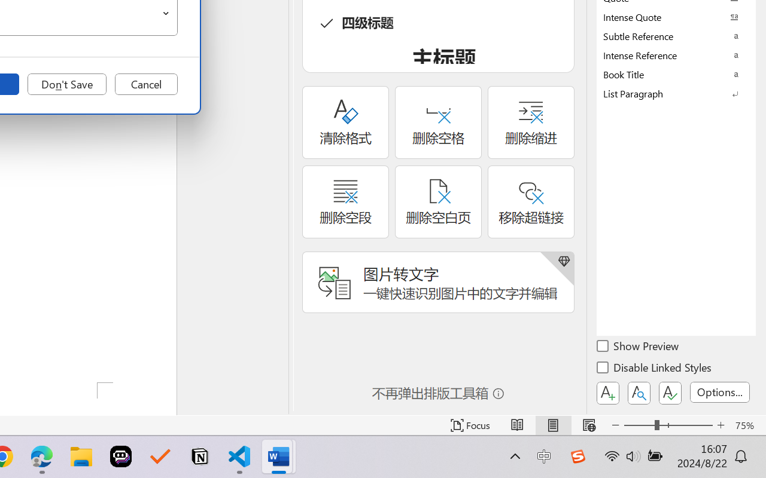  What do you see at coordinates (676, 73) in the screenshot?
I see `'Book Title'` at bounding box center [676, 73].